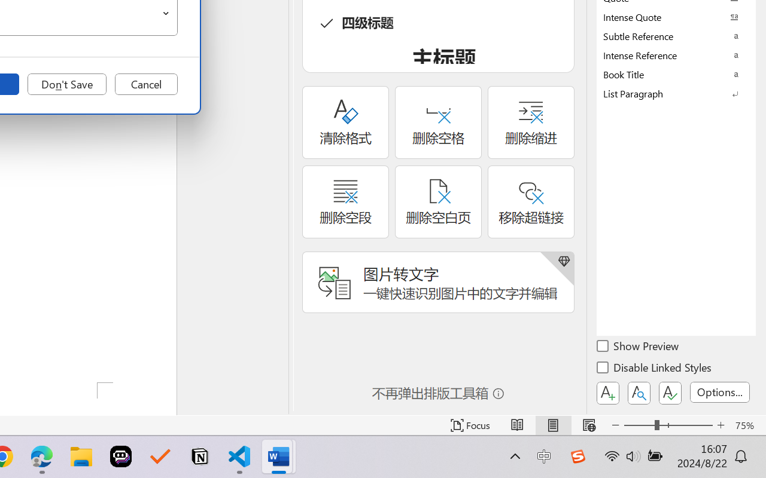  What do you see at coordinates (676, 73) in the screenshot?
I see `'Book Title'` at bounding box center [676, 73].